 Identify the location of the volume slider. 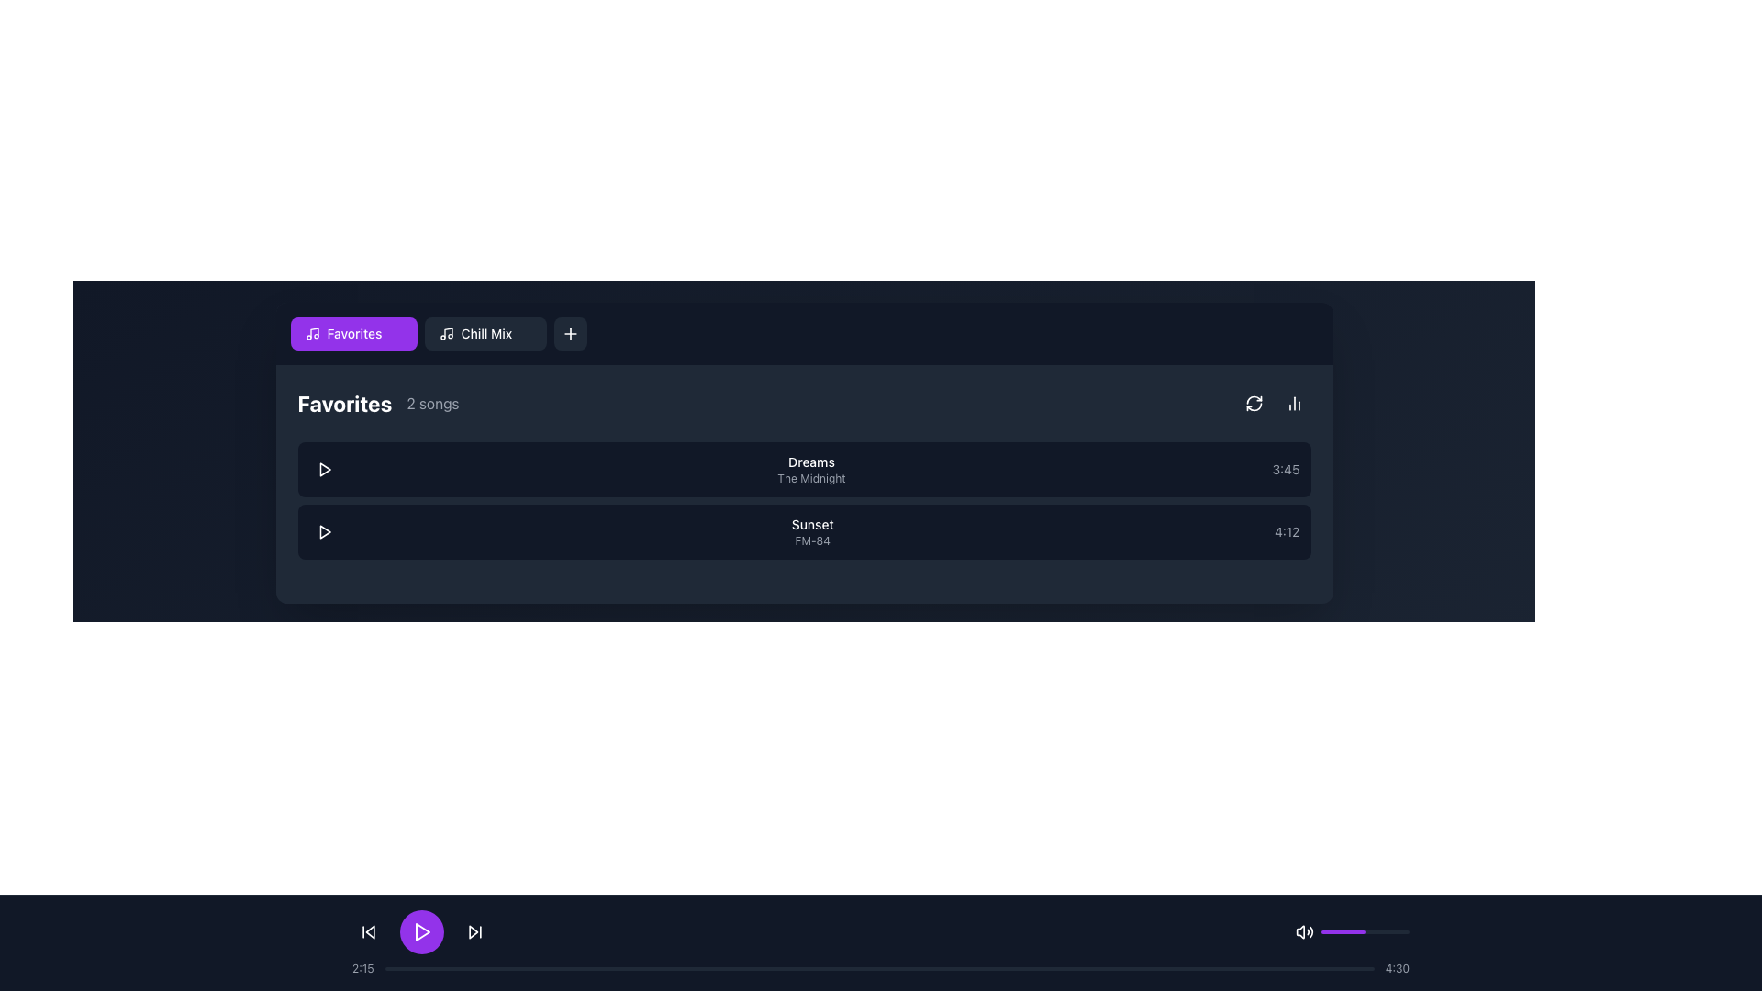
(1390, 931).